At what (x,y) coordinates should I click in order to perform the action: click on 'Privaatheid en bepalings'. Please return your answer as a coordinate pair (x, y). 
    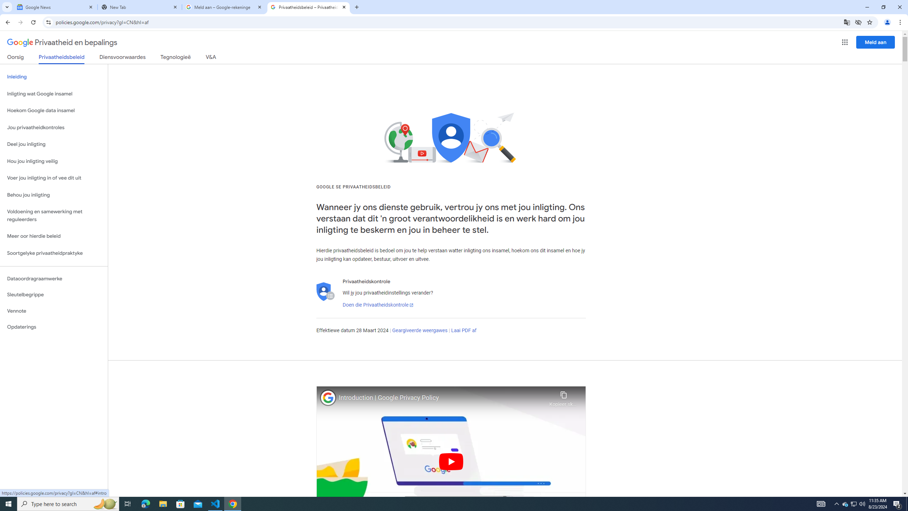
    Looking at the image, I should click on (62, 42).